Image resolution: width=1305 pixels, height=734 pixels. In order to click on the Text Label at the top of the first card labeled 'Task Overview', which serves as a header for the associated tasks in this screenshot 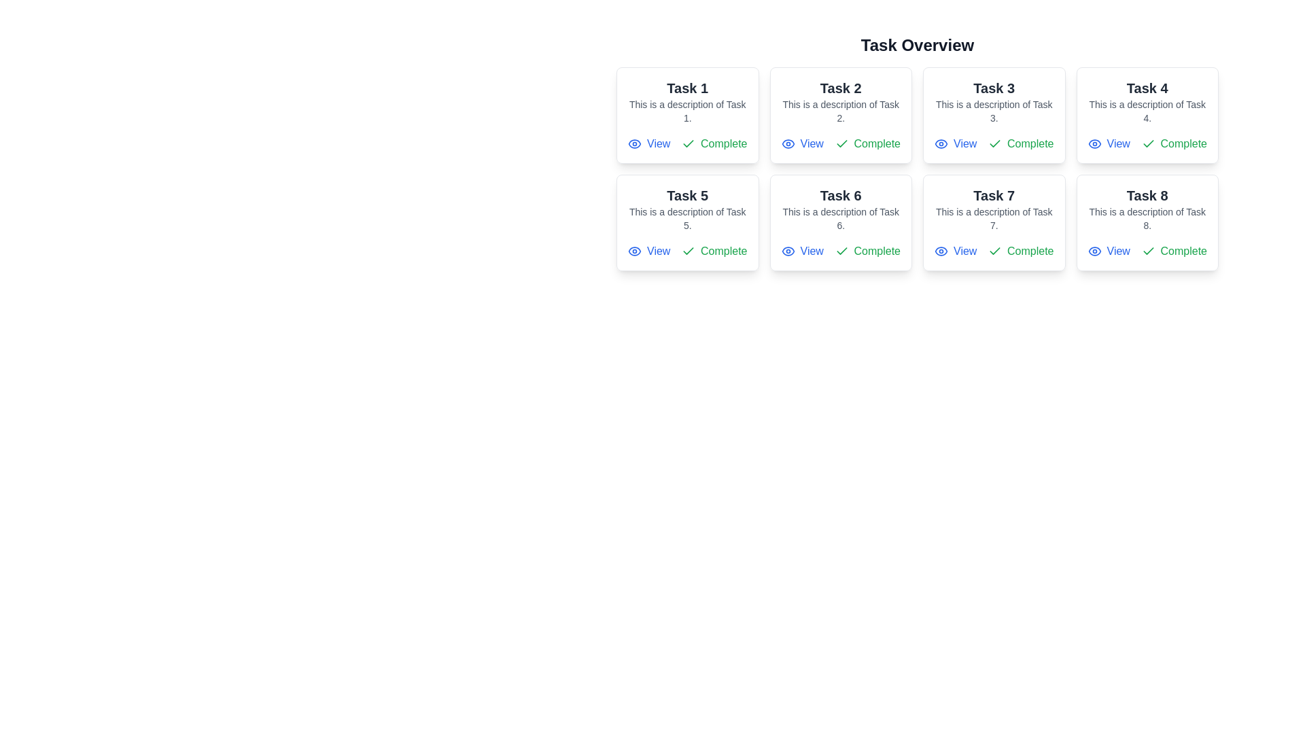, I will do `click(687, 88)`.